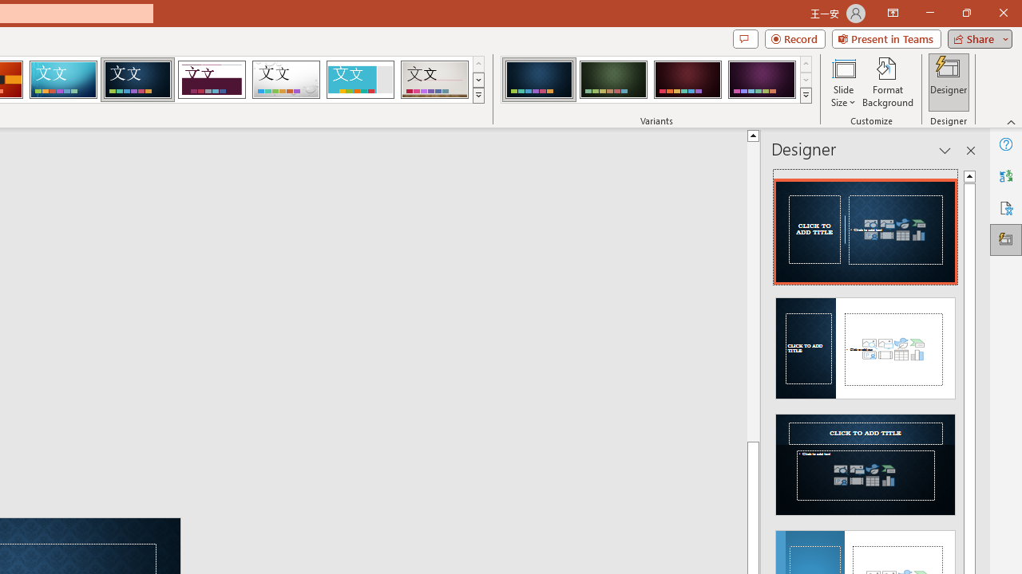 This screenshot has width=1022, height=574. Describe the element at coordinates (477, 96) in the screenshot. I see `'Themes'` at that location.